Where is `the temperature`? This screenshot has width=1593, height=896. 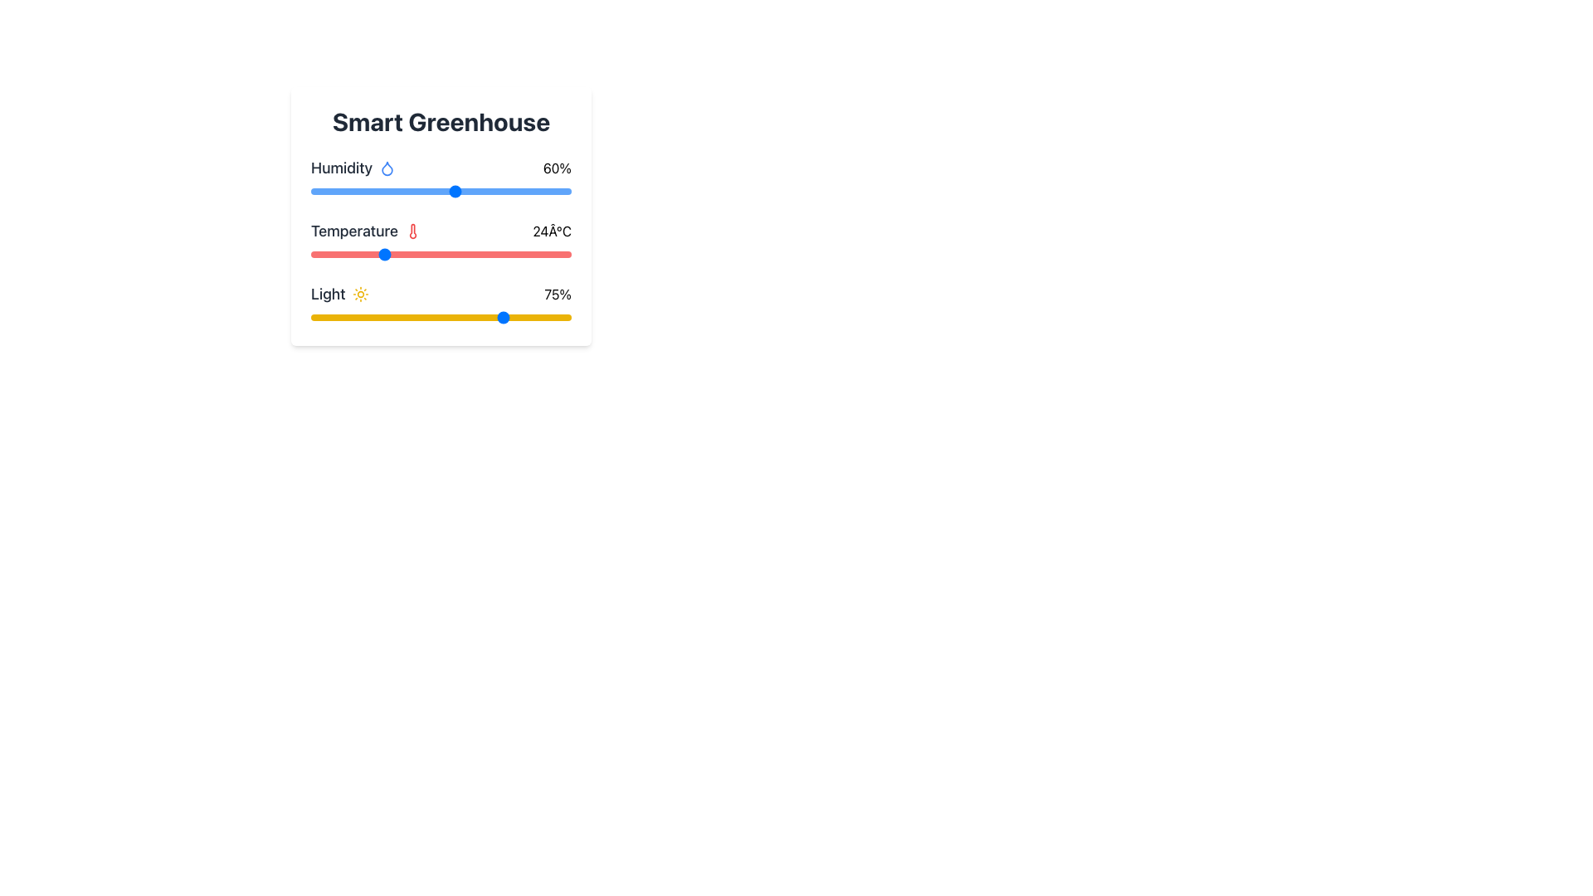
the temperature is located at coordinates (369, 255).